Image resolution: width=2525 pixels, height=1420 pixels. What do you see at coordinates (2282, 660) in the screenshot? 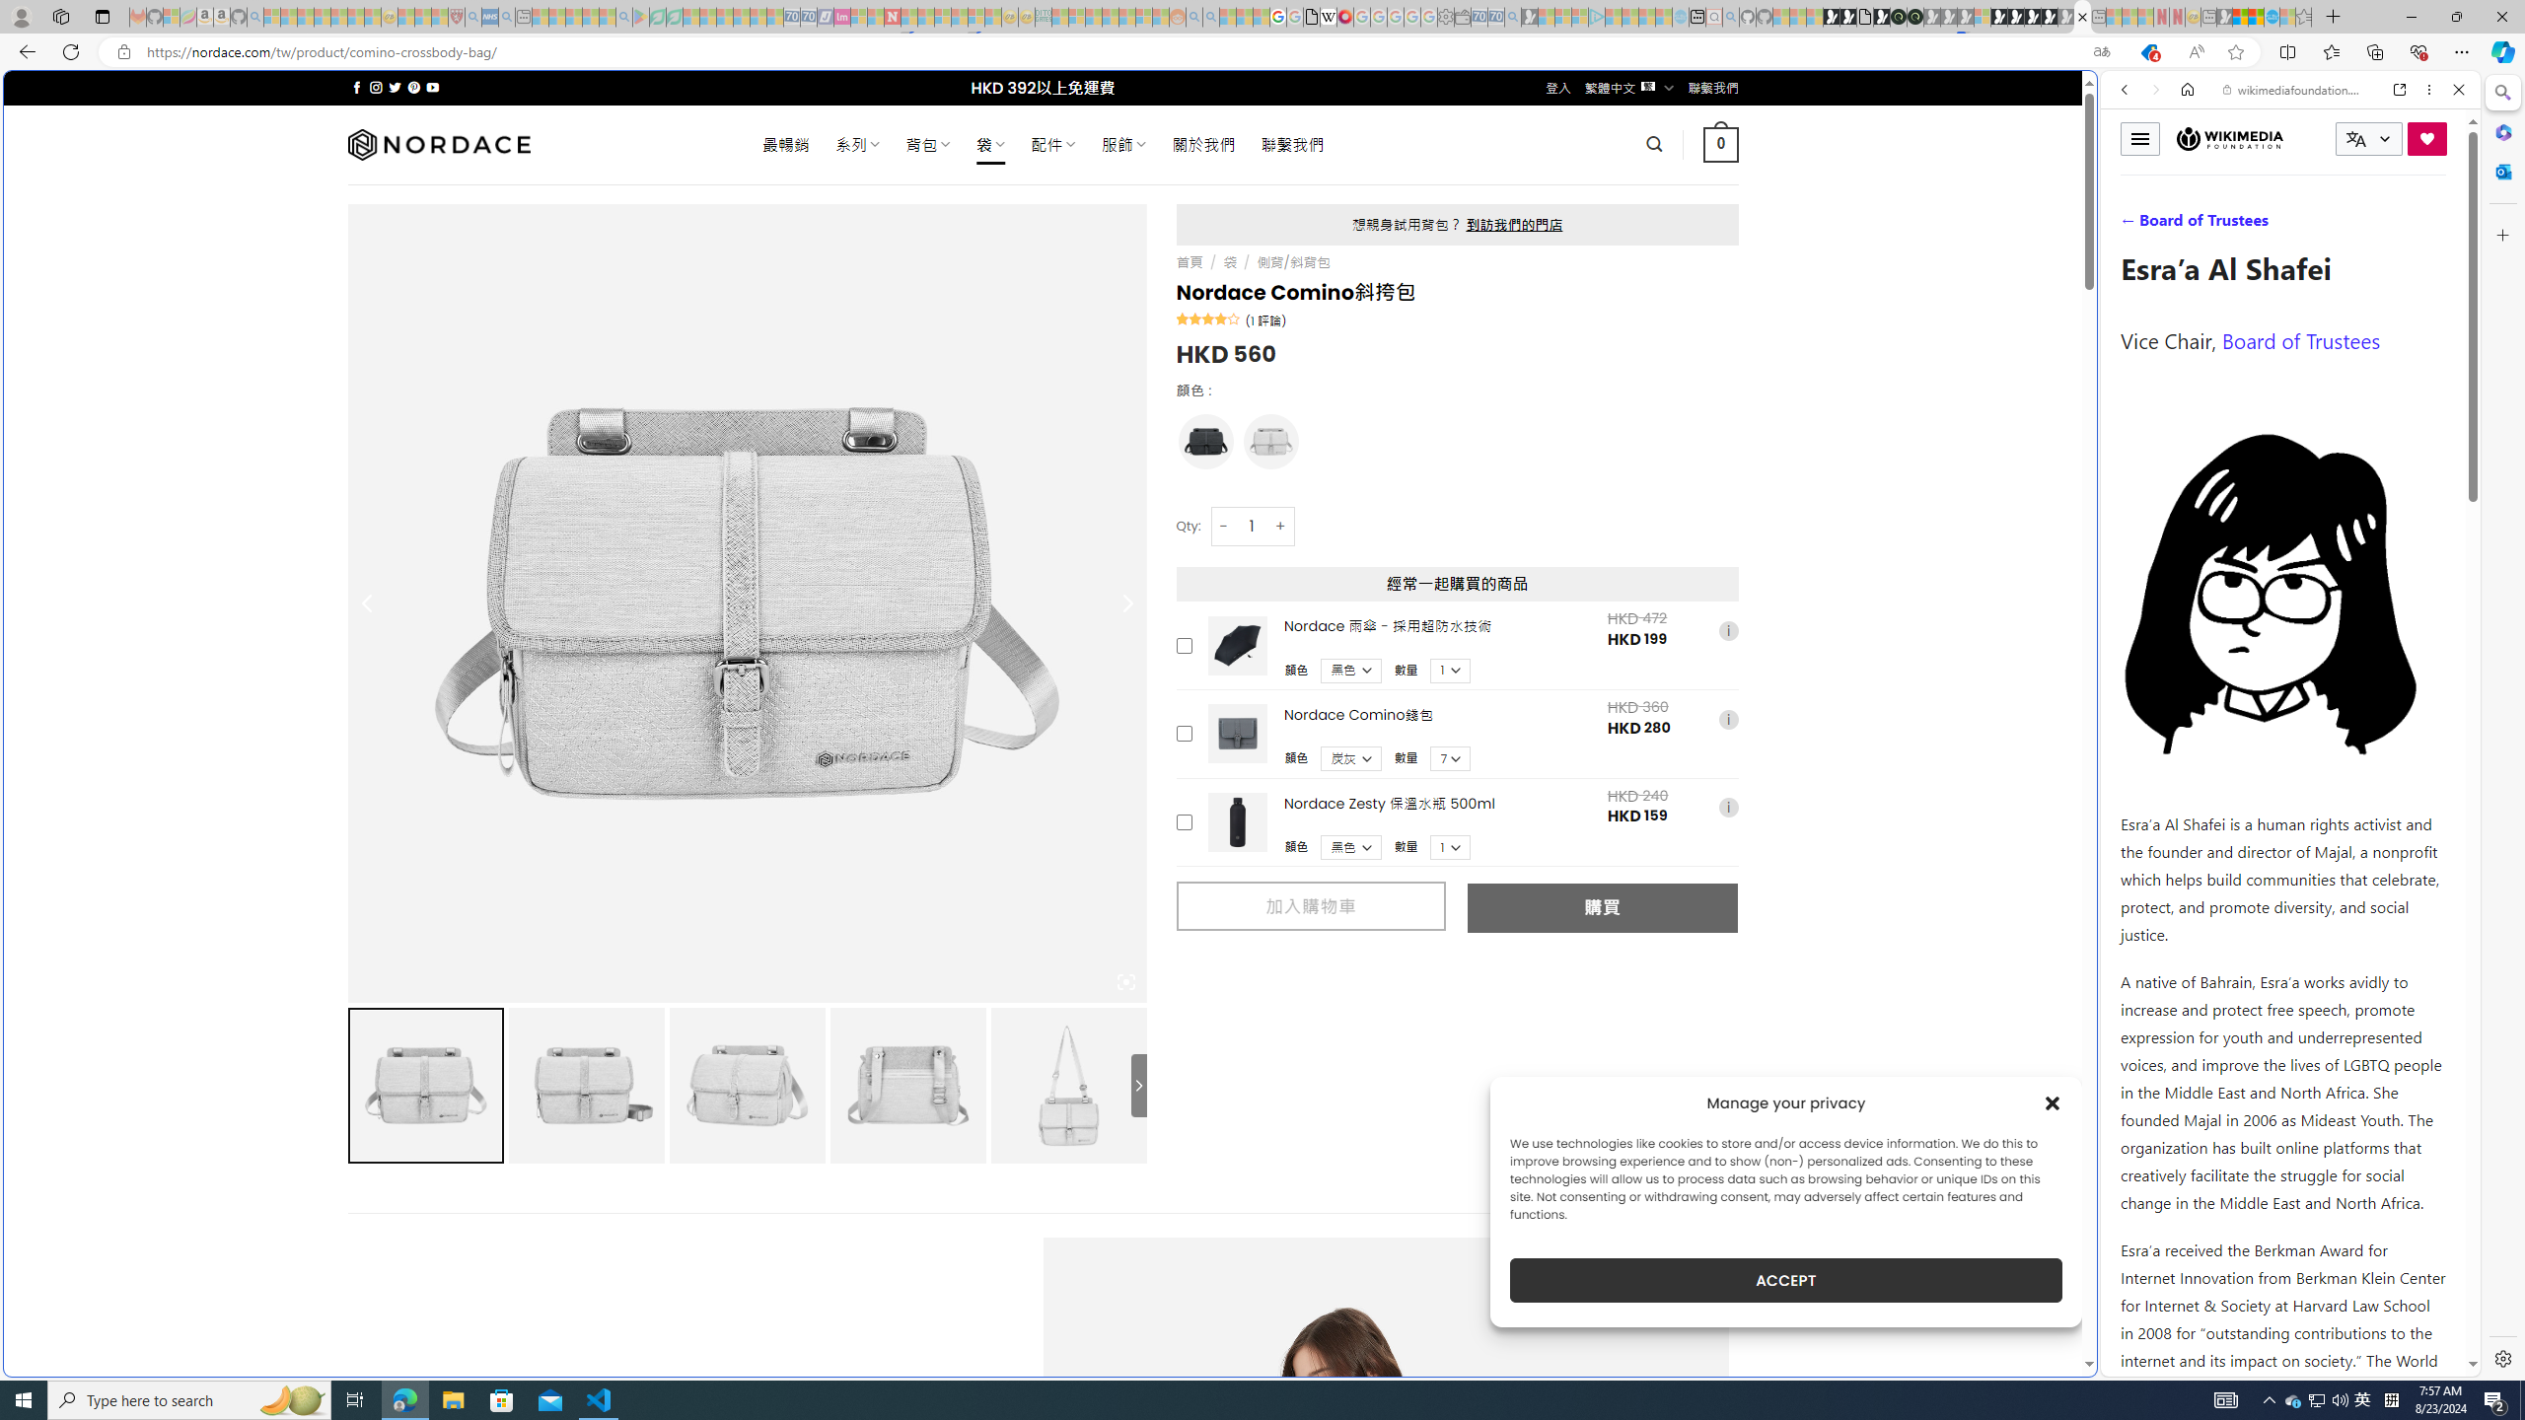
I see `'Wiktionary'` at bounding box center [2282, 660].